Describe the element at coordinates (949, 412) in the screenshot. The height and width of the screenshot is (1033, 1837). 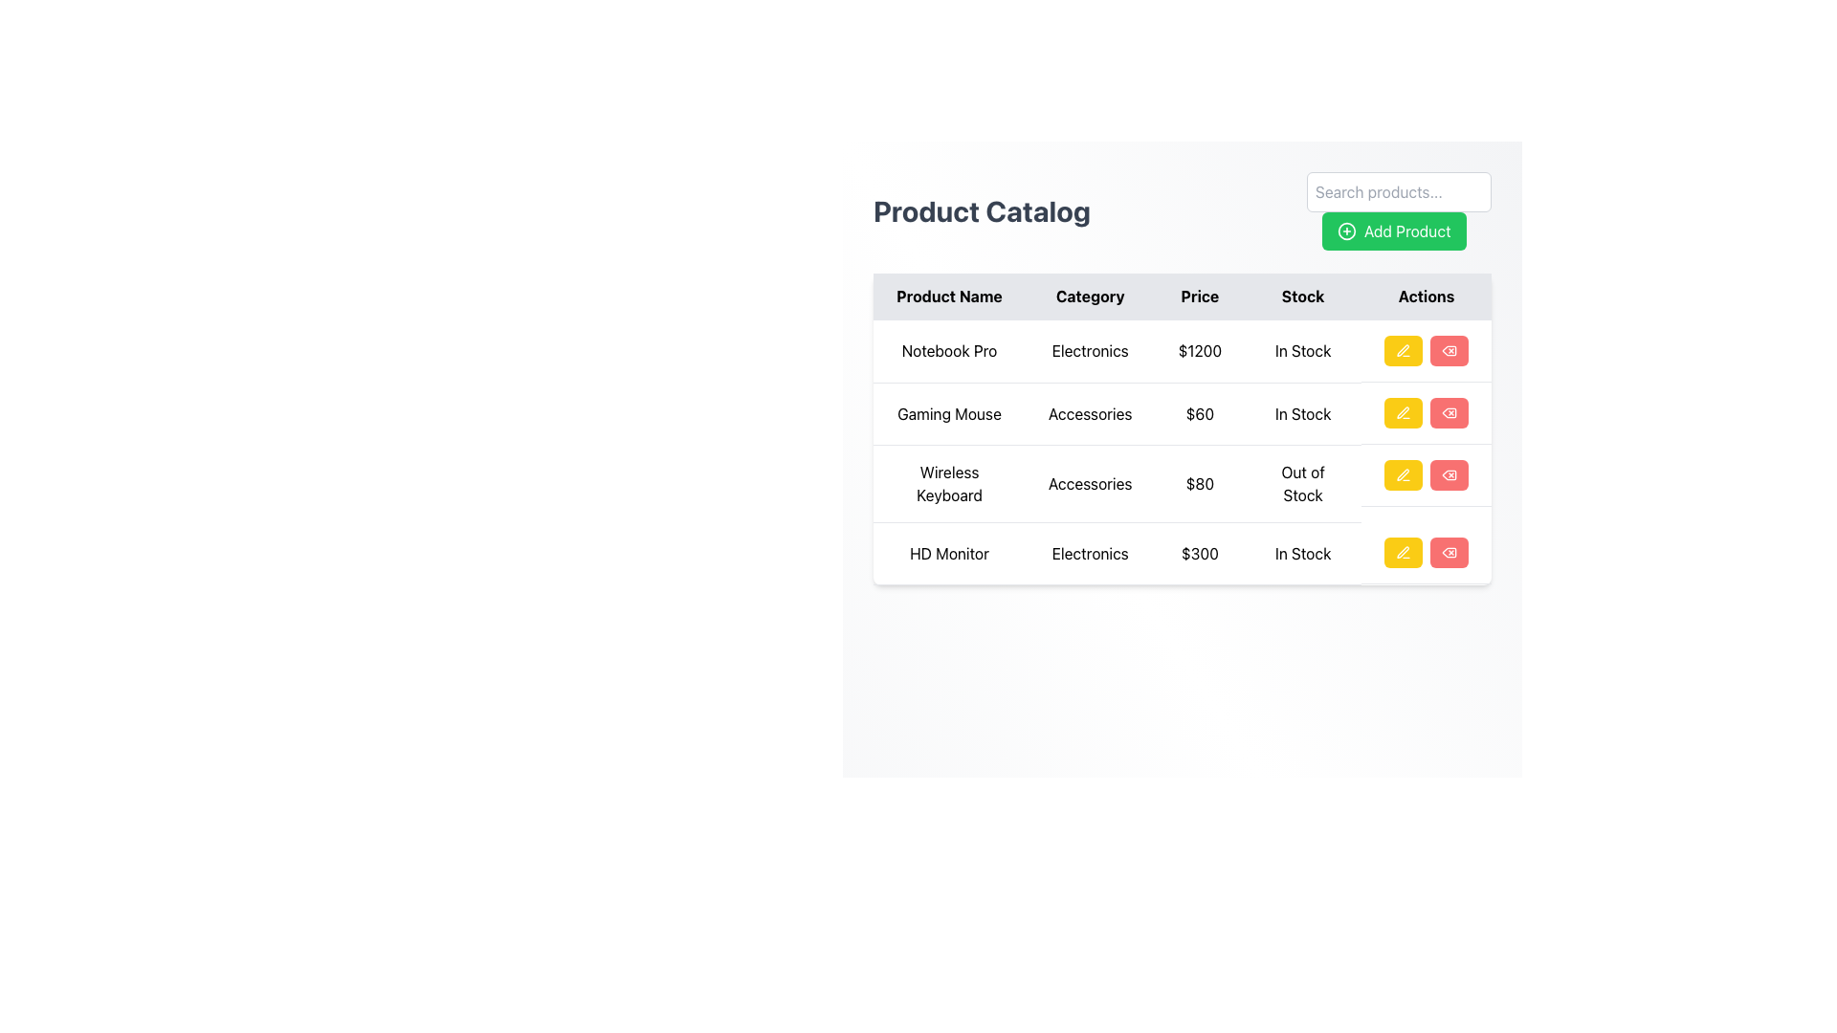
I see `the static label displaying the name of the product 'Gaming Mouse', which is the first cell in the row with header 'Product Name' in the product list table` at that location.